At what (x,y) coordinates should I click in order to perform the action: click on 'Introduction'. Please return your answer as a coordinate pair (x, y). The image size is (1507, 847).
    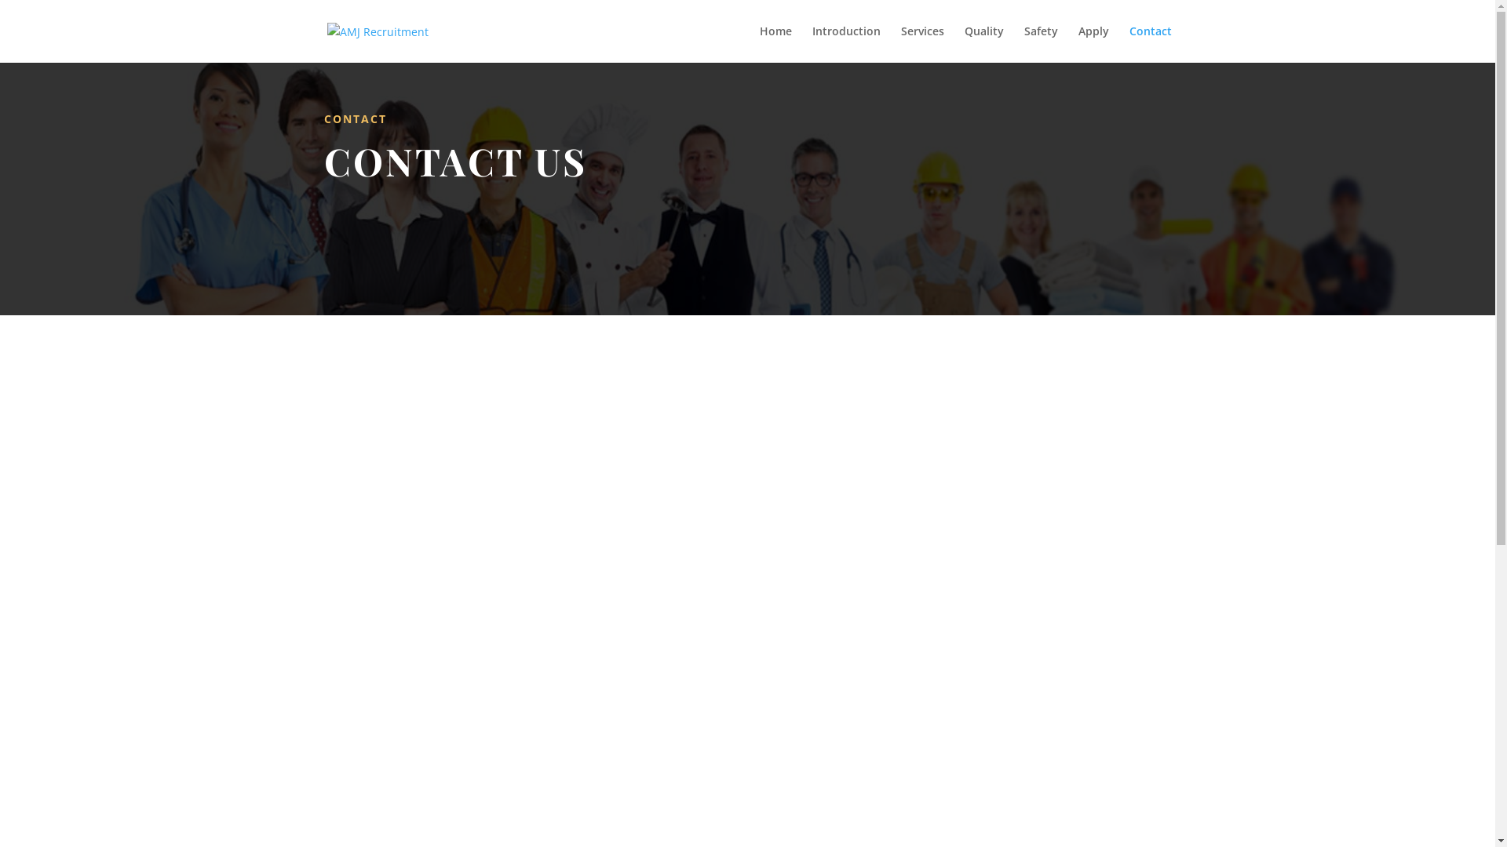
    Looking at the image, I should click on (845, 43).